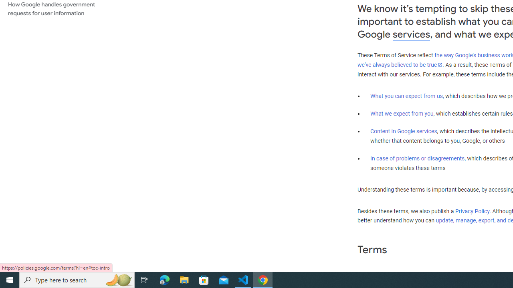 This screenshot has height=288, width=513. Describe the element at coordinates (411, 34) in the screenshot. I see `'services'` at that location.